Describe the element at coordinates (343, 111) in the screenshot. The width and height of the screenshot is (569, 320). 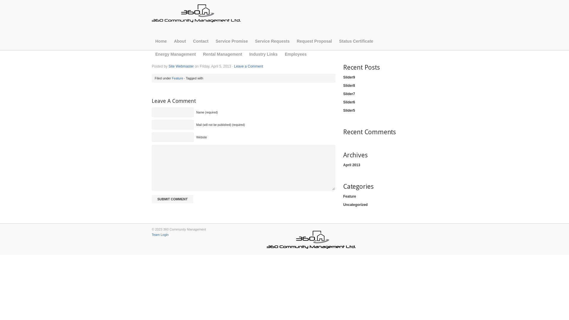
I see `'Slider5'` at that location.